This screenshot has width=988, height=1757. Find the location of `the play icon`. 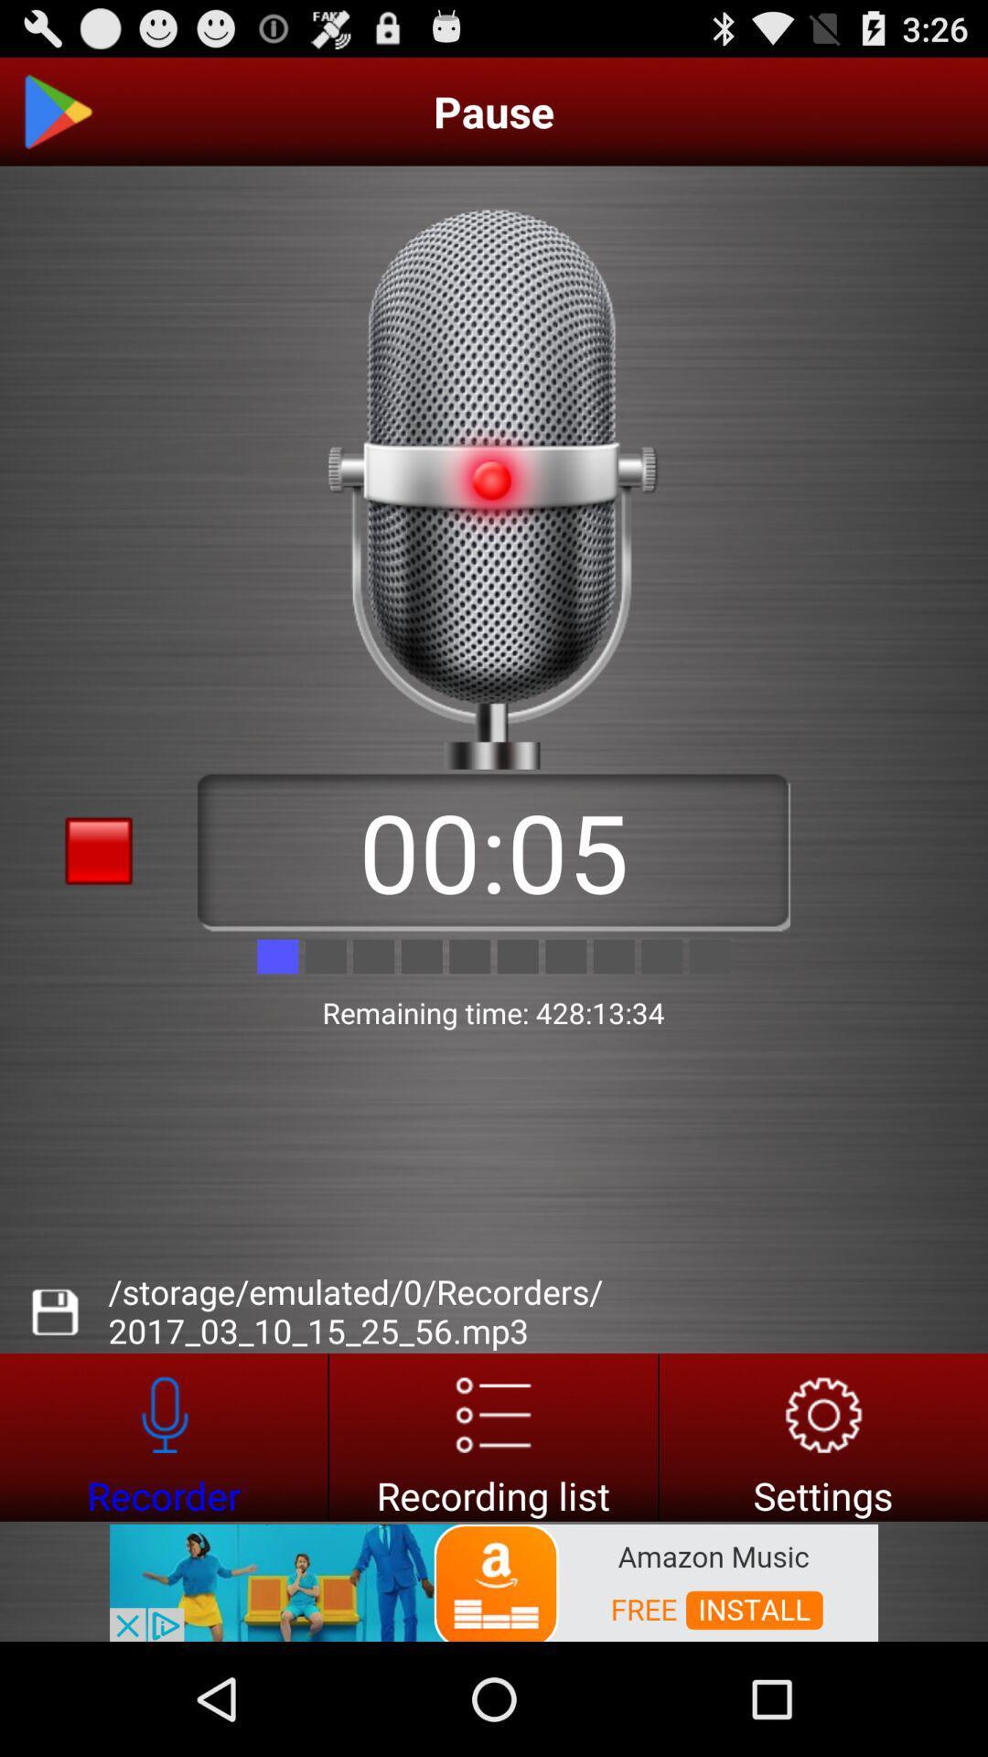

the play icon is located at coordinates (56, 118).